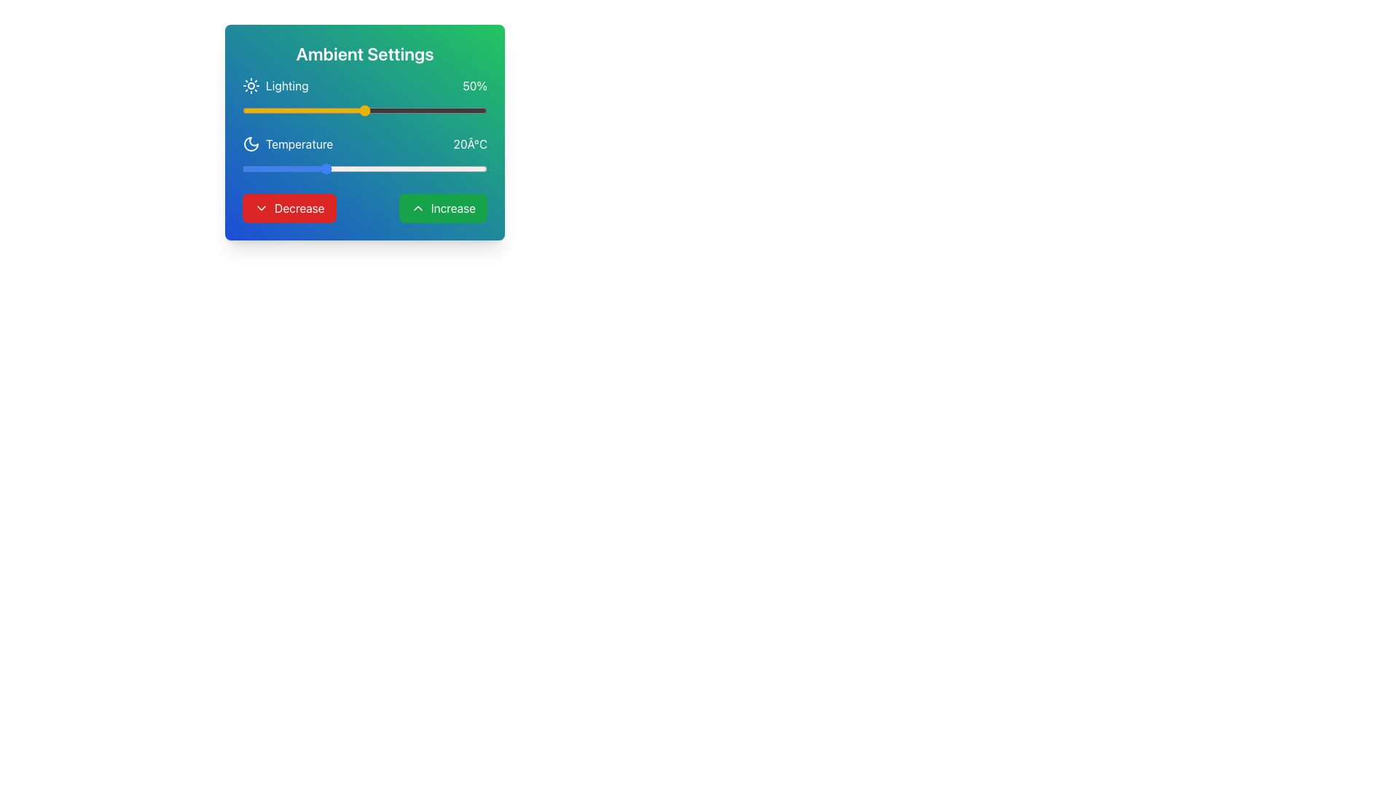  Describe the element at coordinates (364, 86) in the screenshot. I see `the Label with contextual information displaying 'Lighting' and '50%' on a blue to green background, located at the top of the 'Ambient Settings' panel above the lighting adjustment slider` at that location.